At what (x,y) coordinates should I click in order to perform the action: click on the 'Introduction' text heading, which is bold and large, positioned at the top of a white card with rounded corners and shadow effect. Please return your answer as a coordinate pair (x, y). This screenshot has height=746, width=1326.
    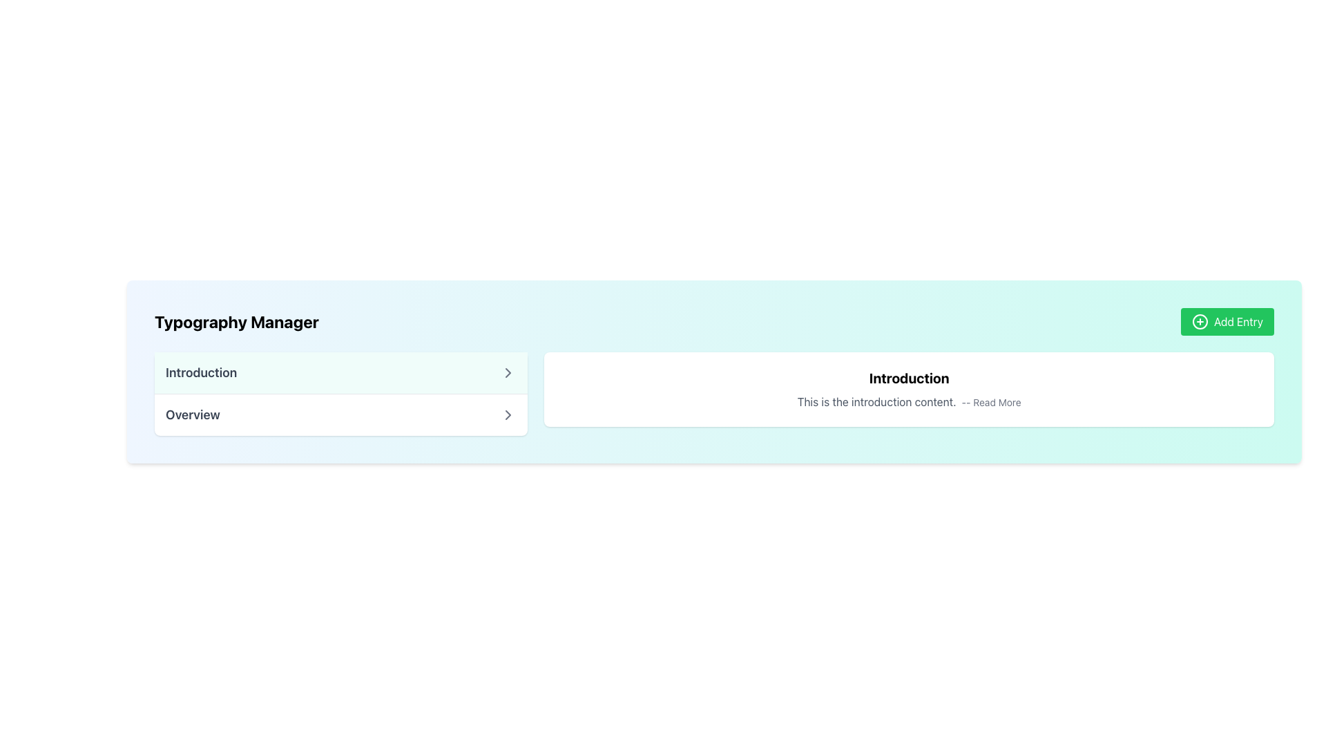
    Looking at the image, I should click on (909, 378).